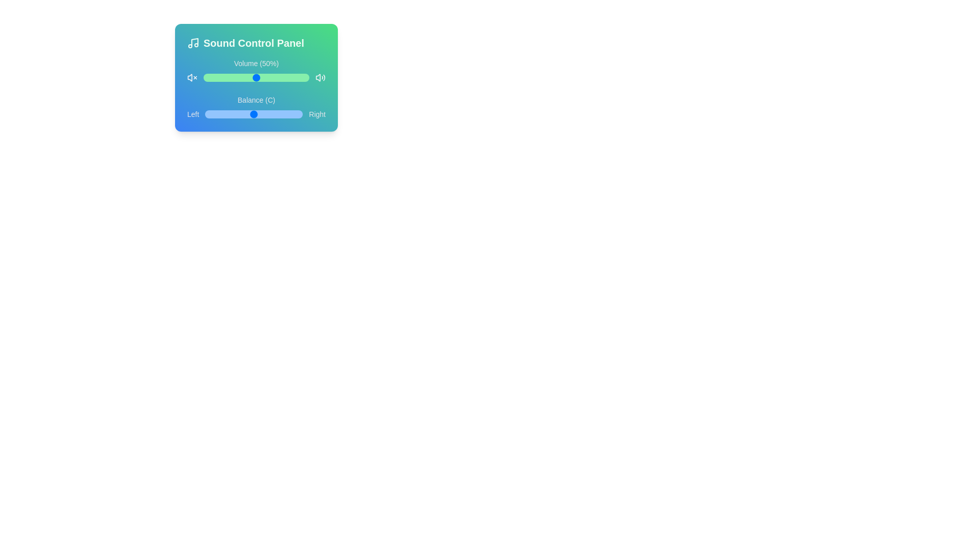 Image resolution: width=977 pixels, height=549 pixels. What do you see at coordinates (243, 114) in the screenshot?
I see `balance` at bounding box center [243, 114].